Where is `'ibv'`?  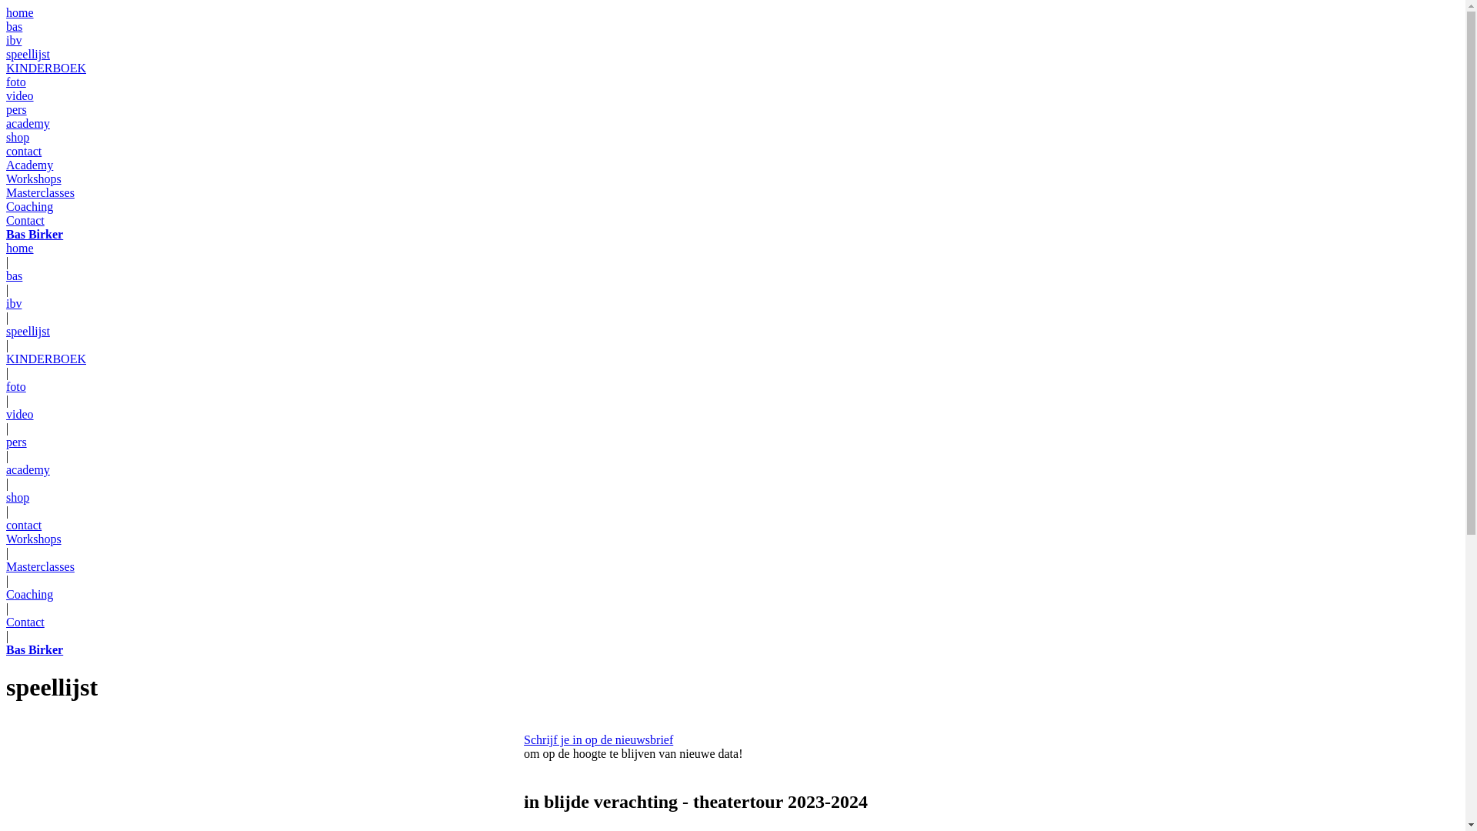 'ibv' is located at coordinates (14, 39).